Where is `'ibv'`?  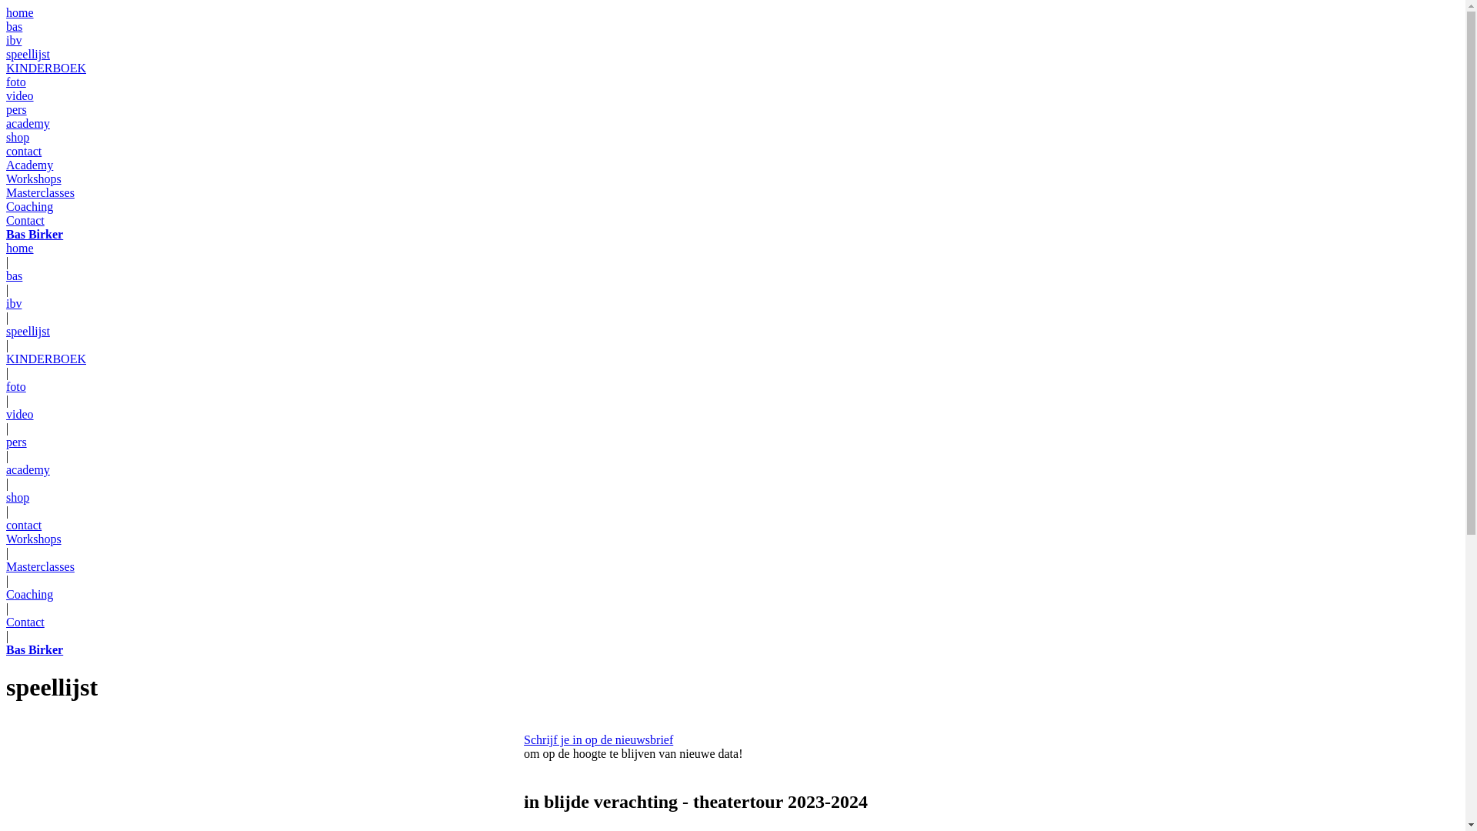 'ibv' is located at coordinates (14, 39).